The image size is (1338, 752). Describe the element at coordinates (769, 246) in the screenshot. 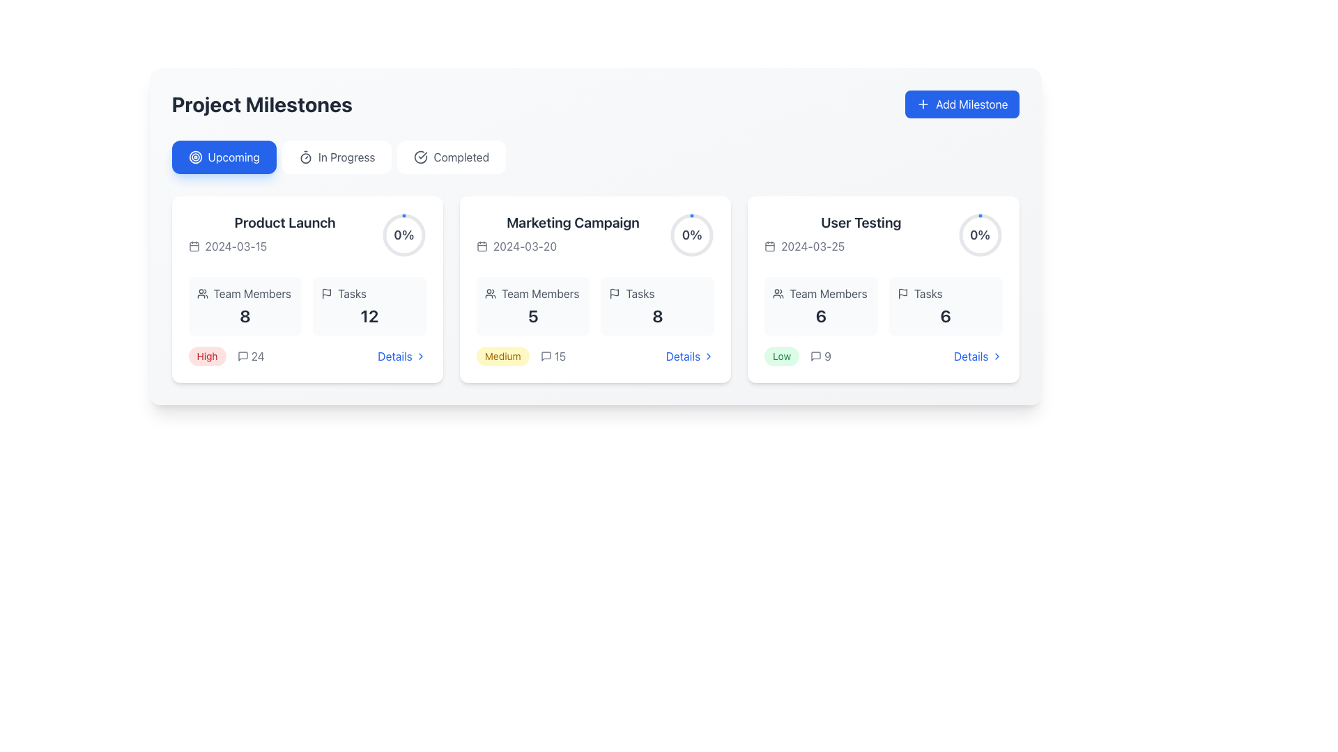

I see `the calendar icon located within the 'User Testing' card, which visually indicates date-related information next to the text '2024-03-25'` at that location.